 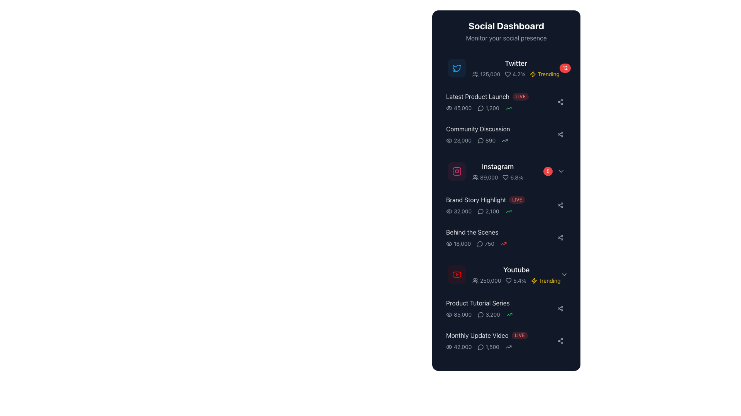 I want to click on the value displayed in the Notification badge, which shows a white numerical value '12' on a red circular background, located next to the arrow icon in the Twitter section of the dashboard, so click(x=571, y=68).